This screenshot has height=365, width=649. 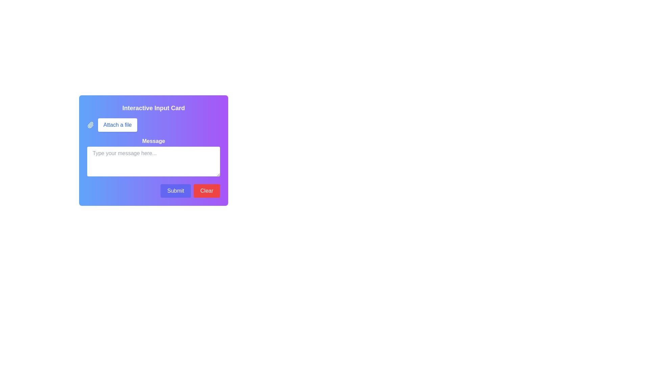 I want to click on the paperclip icon located to the left of the 'Attach a file' button in the 'Interactive Input Card', so click(x=90, y=125).